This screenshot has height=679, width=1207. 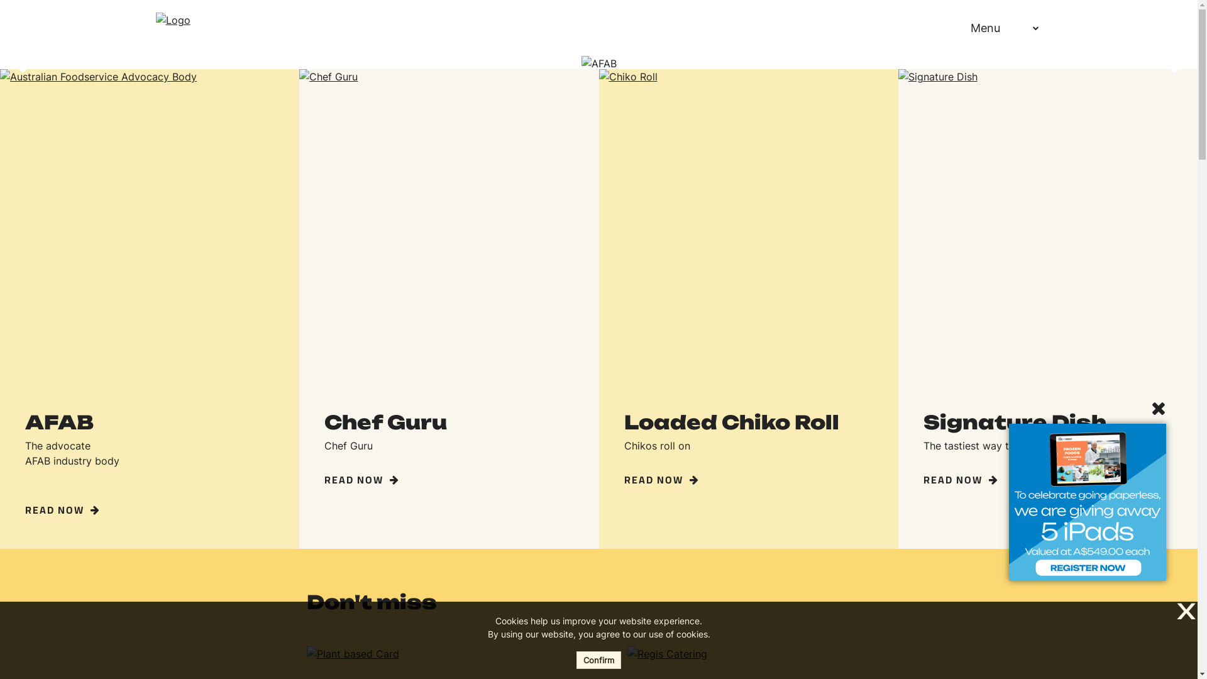 I want to click on 'Menu', so click(x=989, y=27).